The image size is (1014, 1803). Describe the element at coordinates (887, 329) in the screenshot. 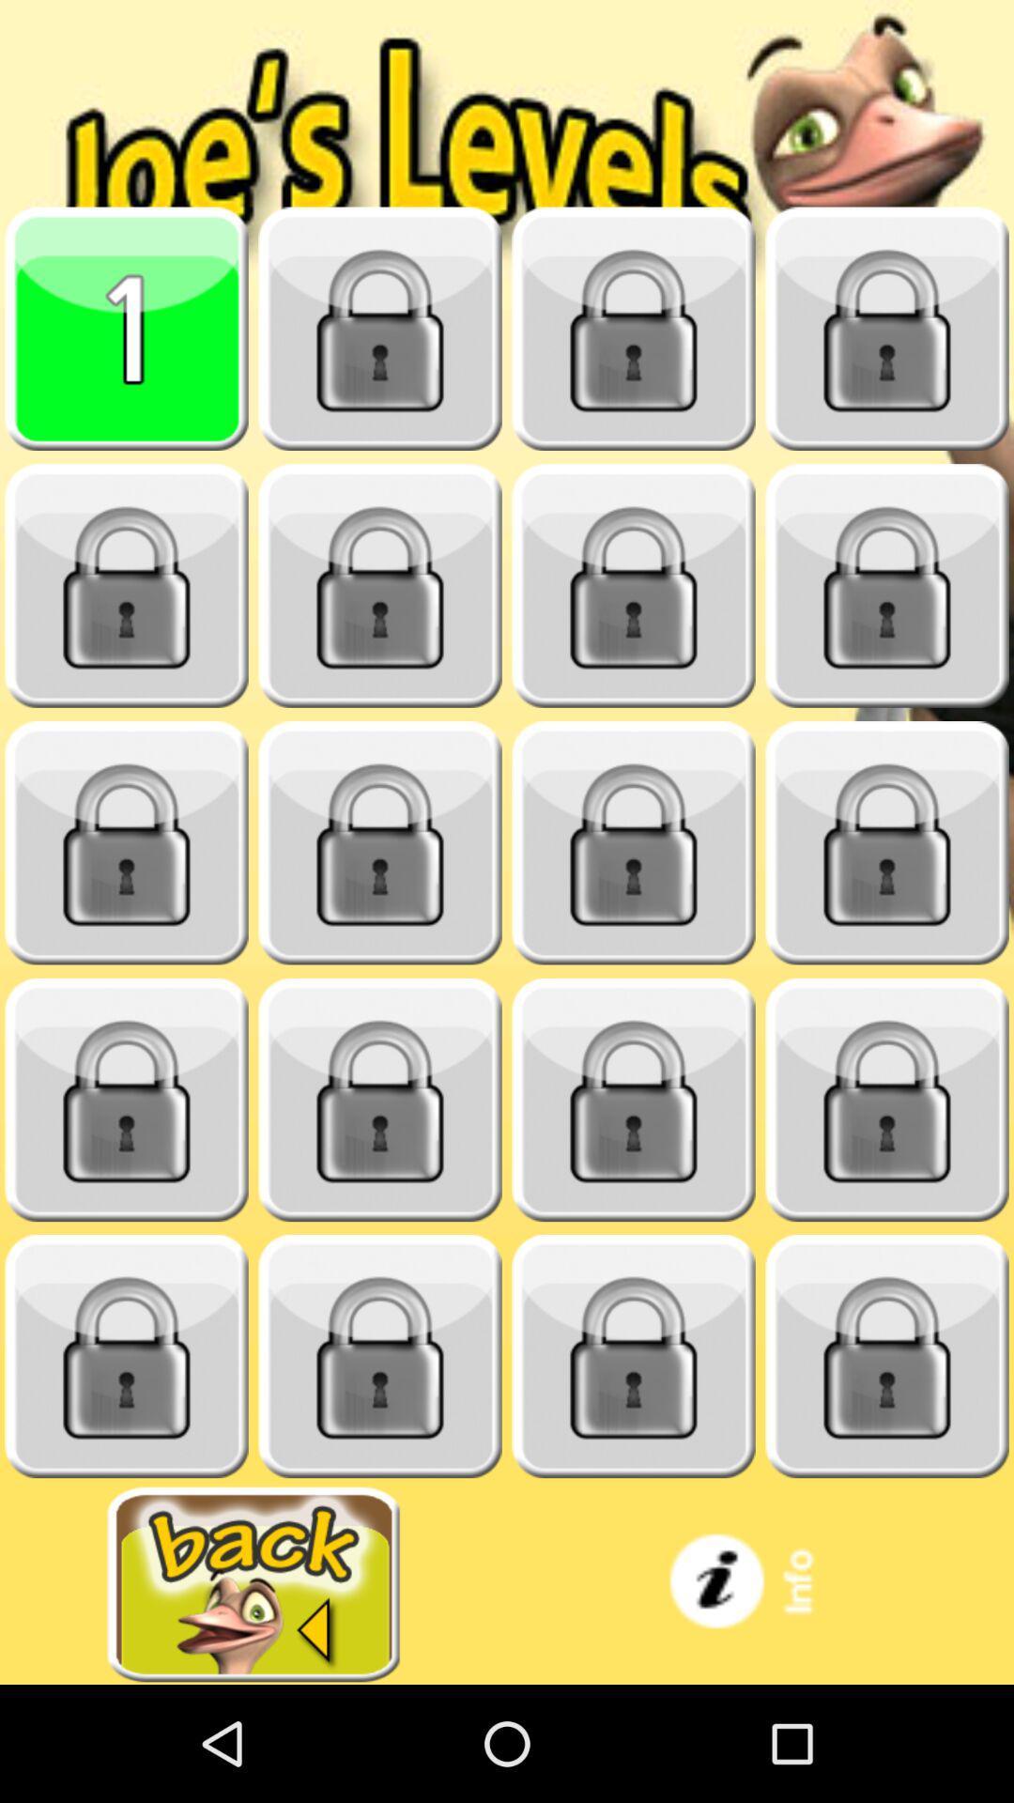

I see `lock button` at that location.